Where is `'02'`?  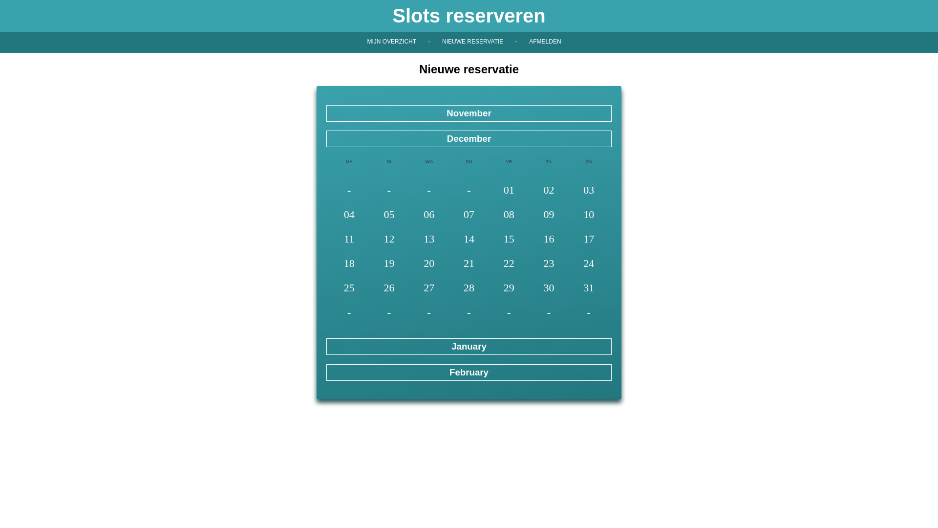
'02' is located at coordinates (529, 191).